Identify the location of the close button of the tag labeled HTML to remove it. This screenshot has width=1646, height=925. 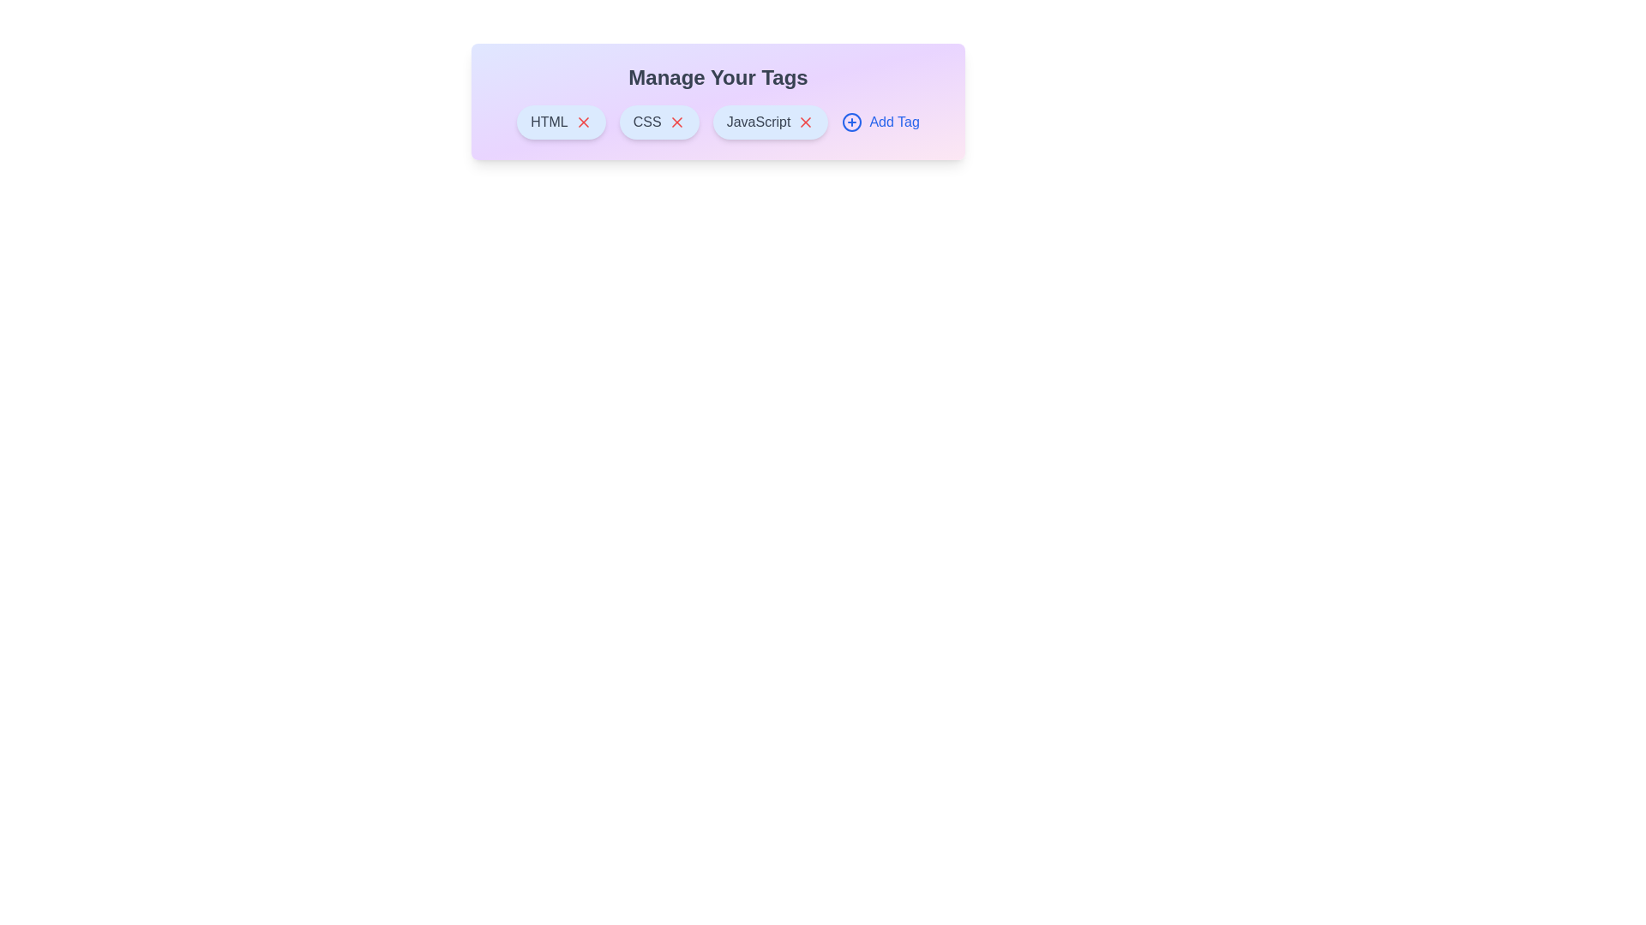
(583, 121).